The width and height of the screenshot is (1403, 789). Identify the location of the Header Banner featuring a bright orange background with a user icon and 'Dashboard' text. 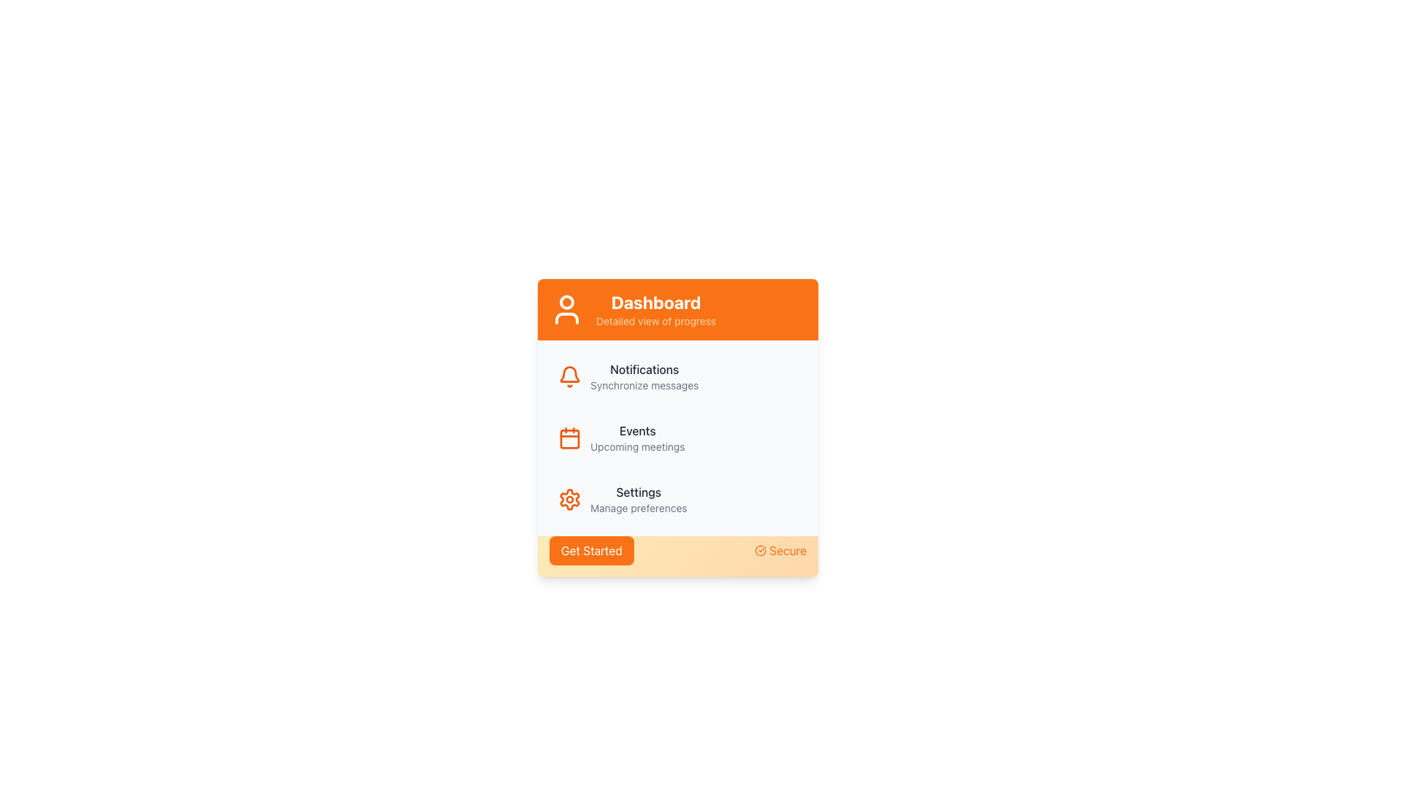
(677, 309).